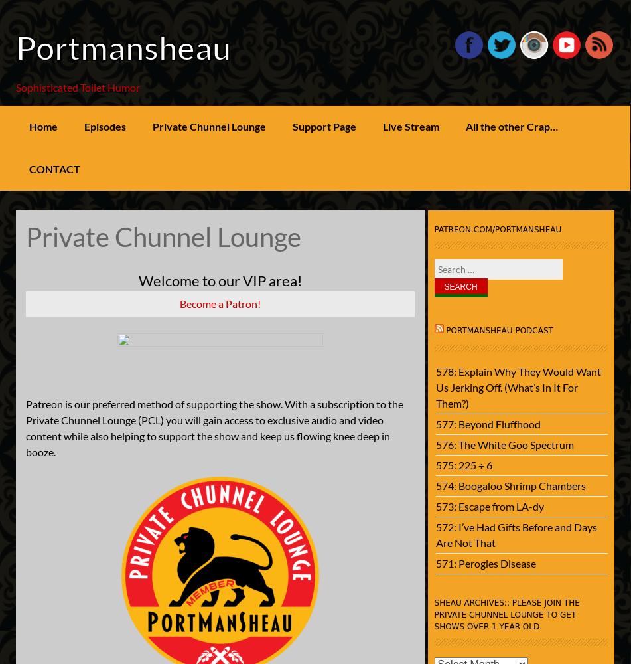 This screenshot has height=664, width=631. Describe the element at coordinates (506, 615) in the screenshot. I see `'SHEAU Archives:: Please join the Private Chunnel Lounge to get shows over 1 year old.'` at that location.